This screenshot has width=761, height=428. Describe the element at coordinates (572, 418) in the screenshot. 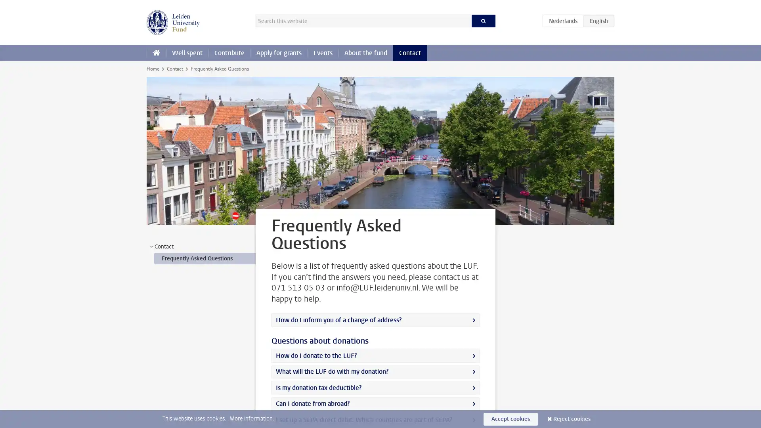

I see `Reject cookies` at that location.